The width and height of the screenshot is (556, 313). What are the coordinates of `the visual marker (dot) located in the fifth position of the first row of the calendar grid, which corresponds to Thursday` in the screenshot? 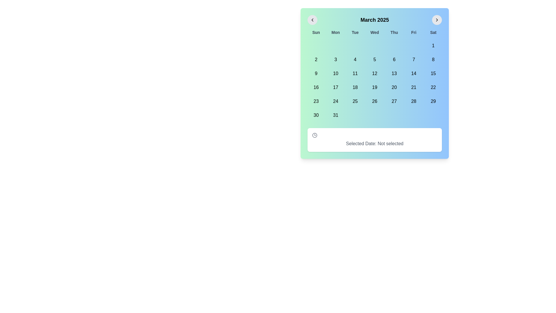 It's located at (394, 46).